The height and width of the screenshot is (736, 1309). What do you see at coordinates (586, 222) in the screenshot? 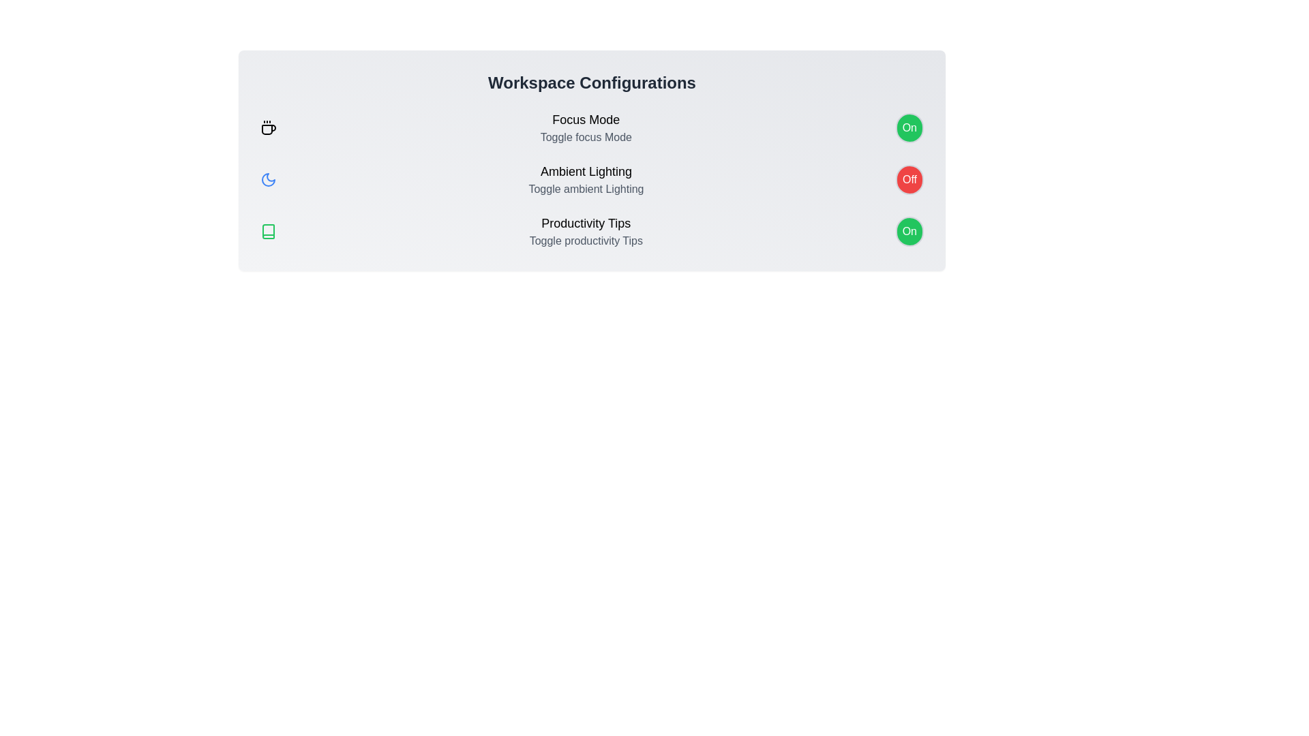
I see `the descriptive text for the configuration option Productivity Tips` at bounding box center [586, 222].